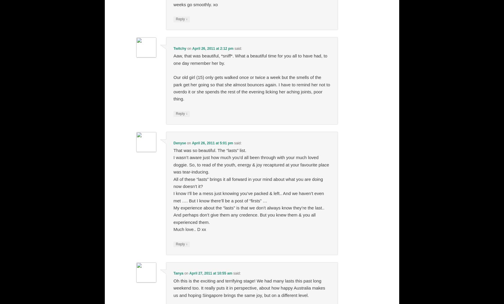 This screenshot has height=304, width=504. I want to click on 'Denyse', so click(179, 143).